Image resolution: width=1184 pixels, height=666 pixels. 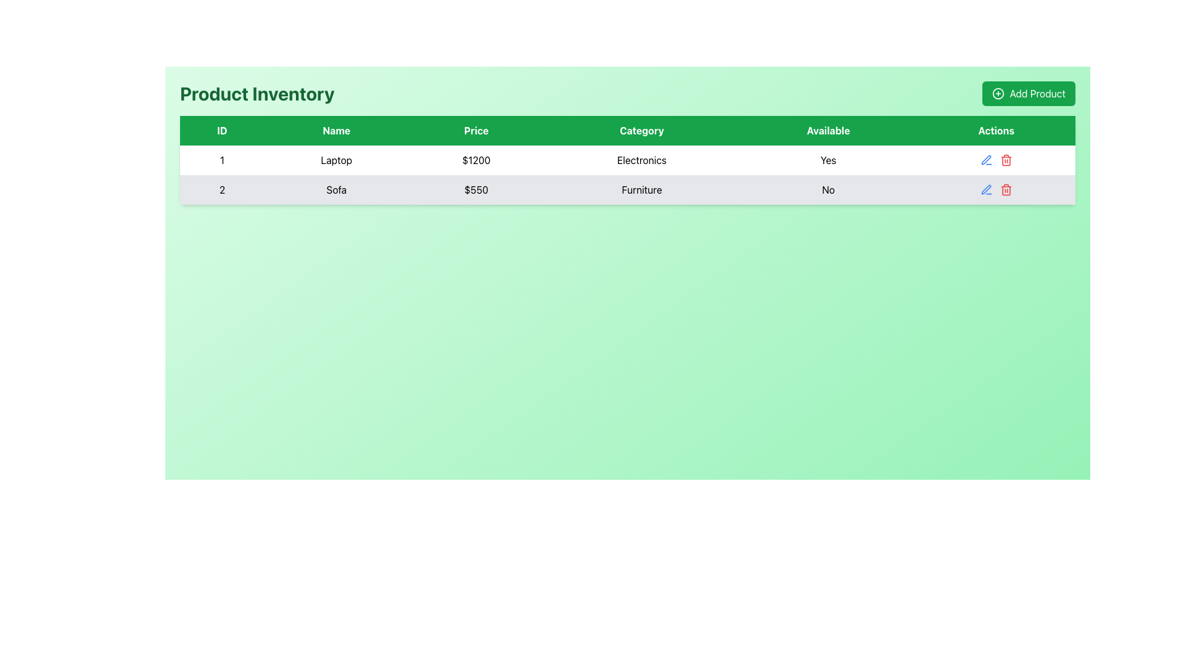 What do you see at coordinates (998, 92) in the screenshot?
I see `the Circular Icon with a Plus Sign that signifies the action of adding a product, located to the left of the 'Add Product' text in the top-right corner of the layout` at bounding box center [998, 92].